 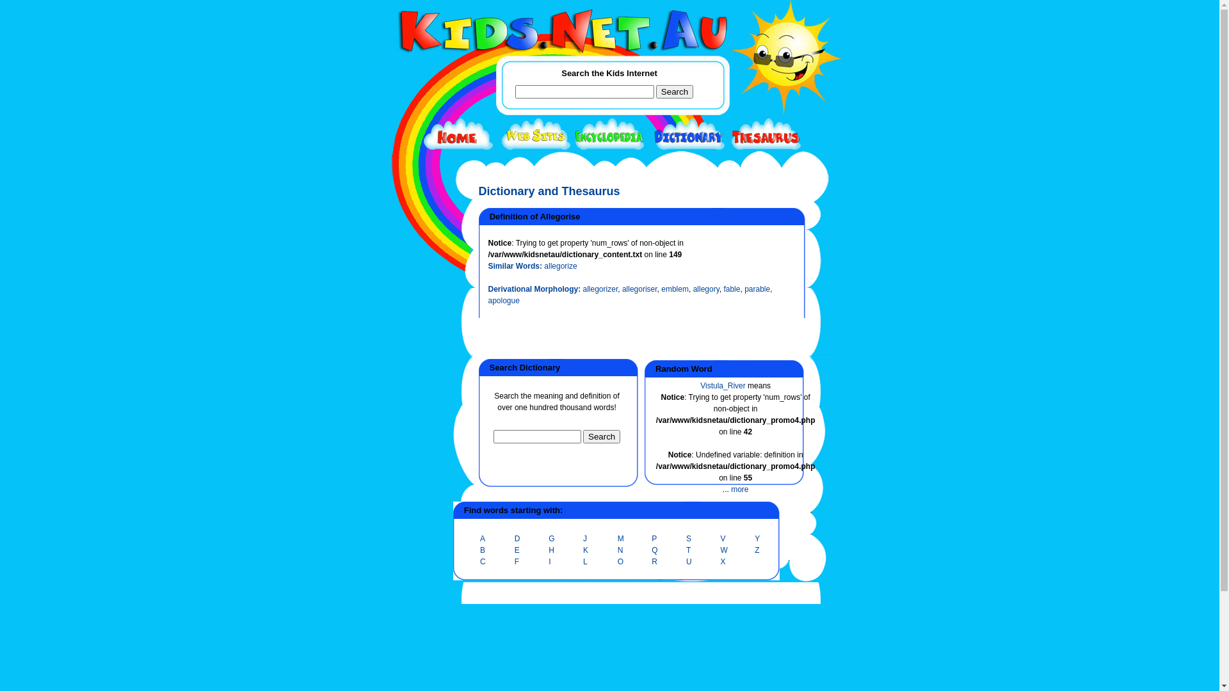 I want to click on 'R', so click(x=654, y=561).